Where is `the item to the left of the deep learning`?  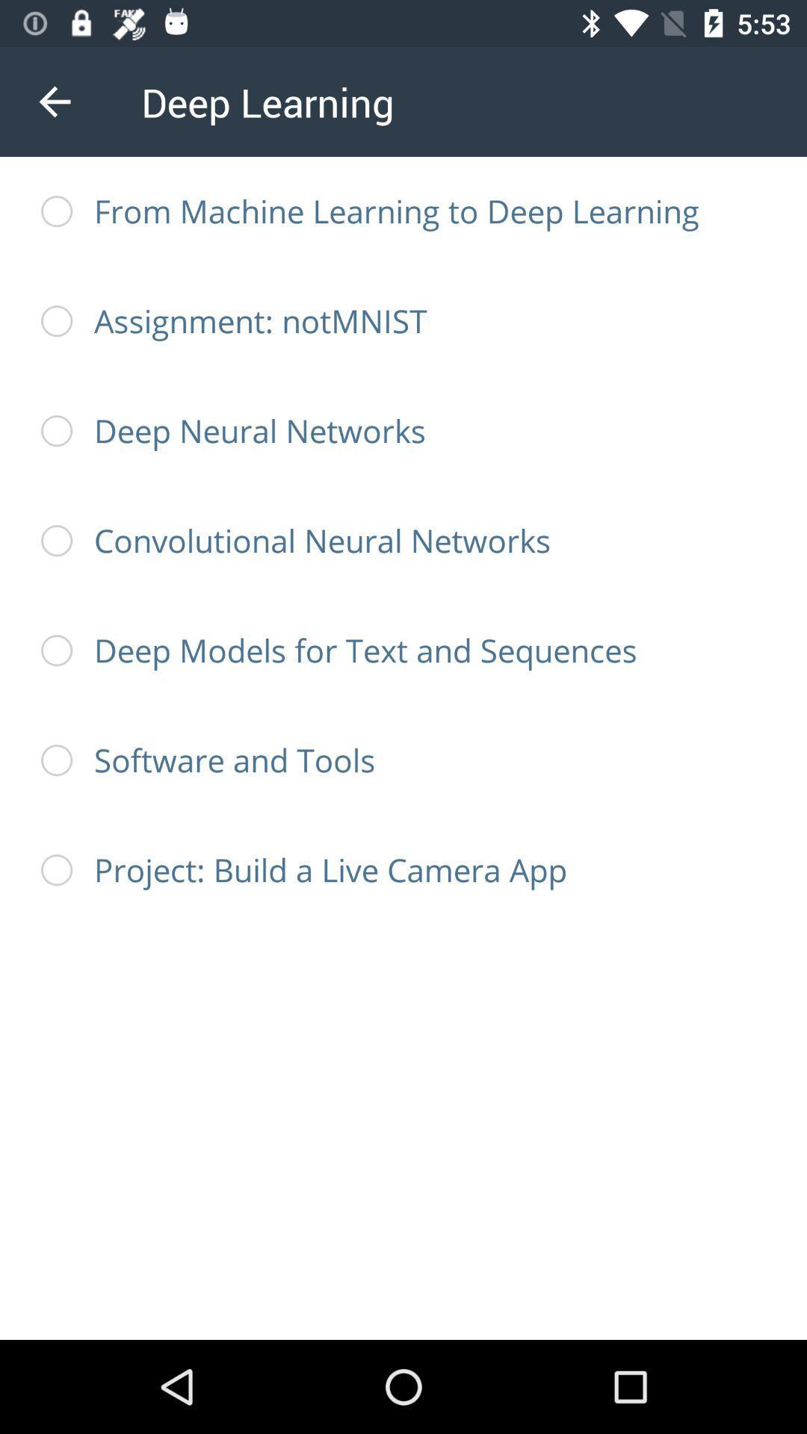 the item to the left of the deep learning is located at coordinates (54, 101).